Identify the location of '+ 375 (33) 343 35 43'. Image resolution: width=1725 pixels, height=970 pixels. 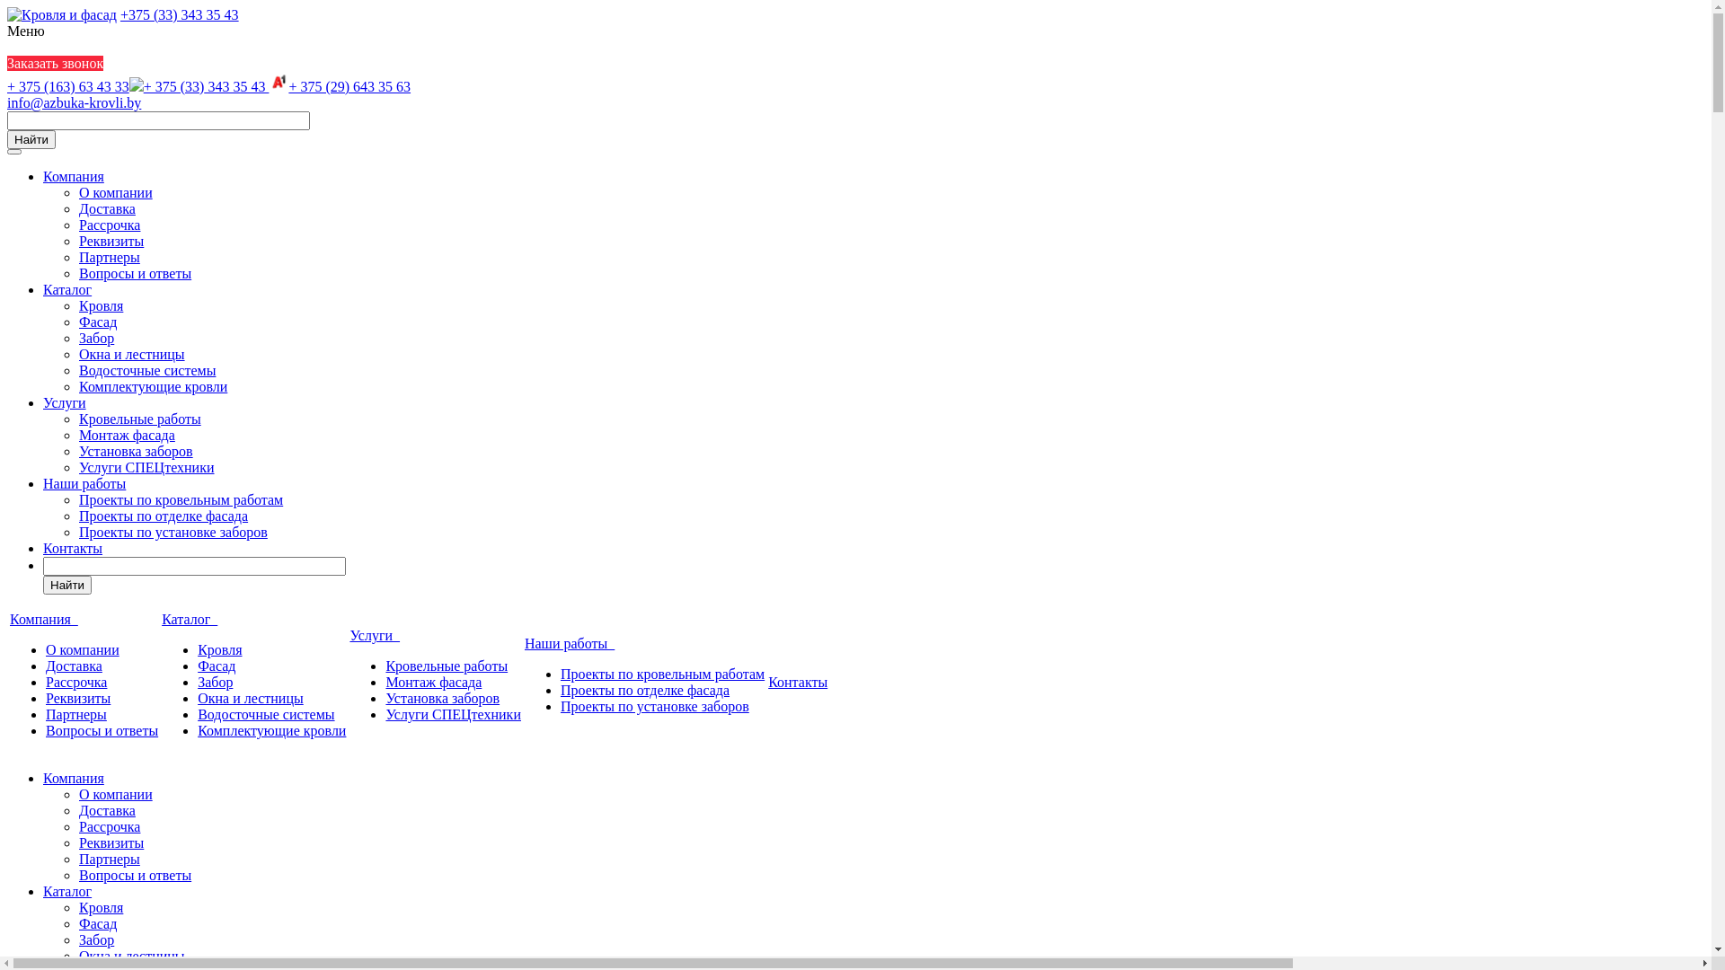
(128, 86).